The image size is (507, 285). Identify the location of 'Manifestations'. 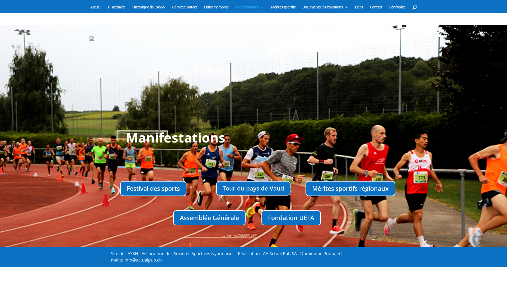
(249, 9).